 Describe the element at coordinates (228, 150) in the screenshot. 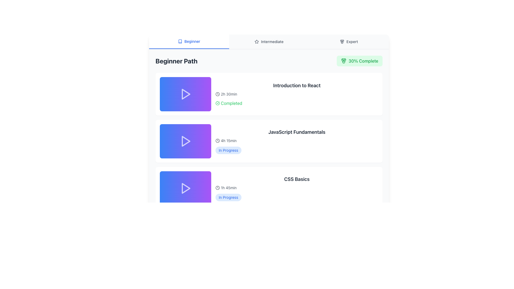

I see `text of the label indicating the progress status for the 'JavaScript Fundamentals' course, marked as 'In Progress'` at that location.